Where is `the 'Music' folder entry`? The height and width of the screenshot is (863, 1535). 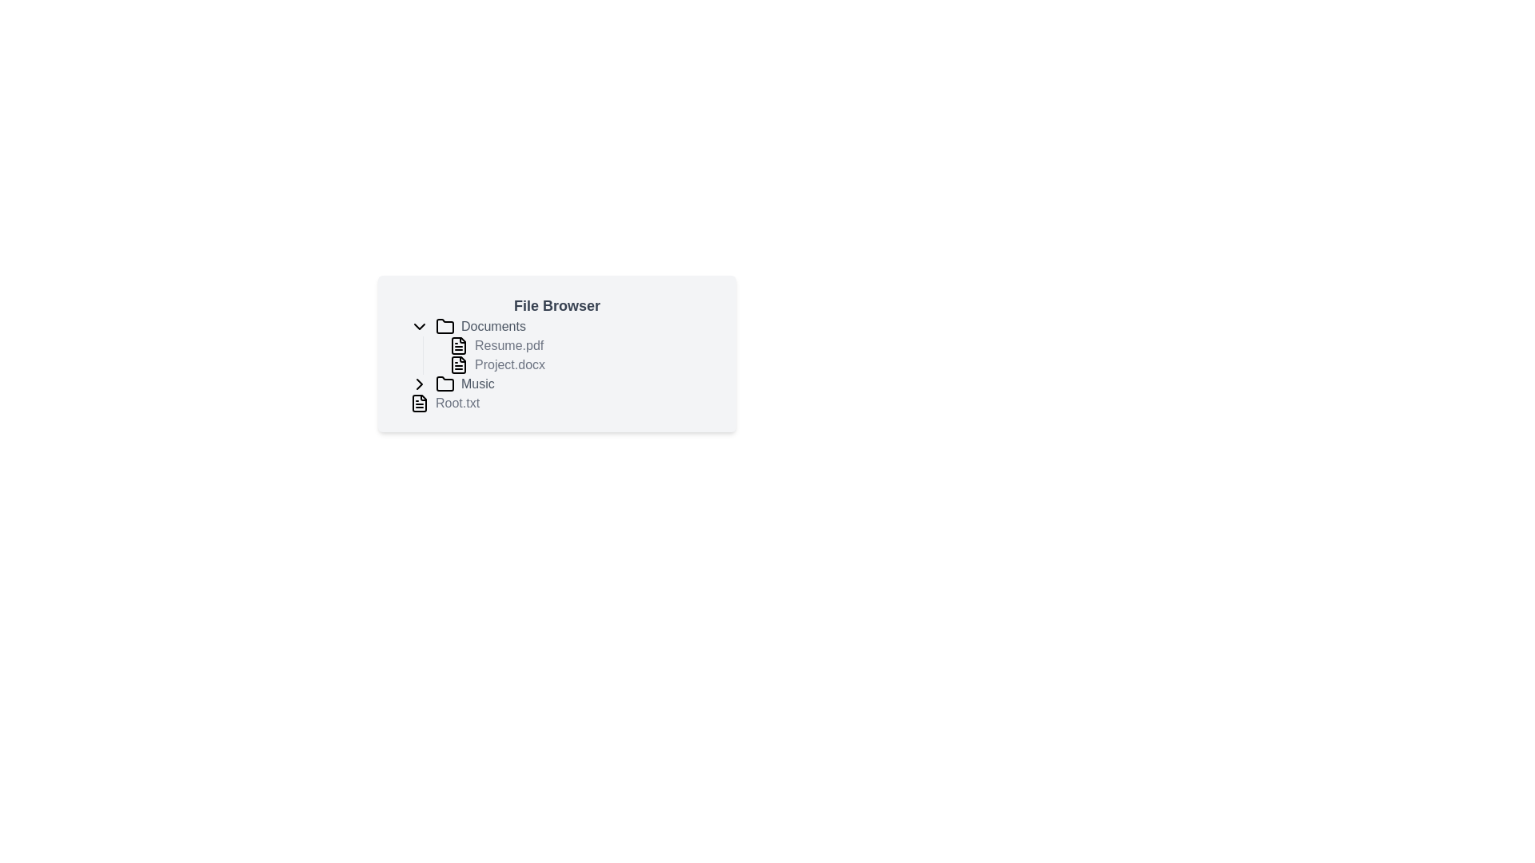 the 'Music' folder entry is located at coordinates (556, 384).